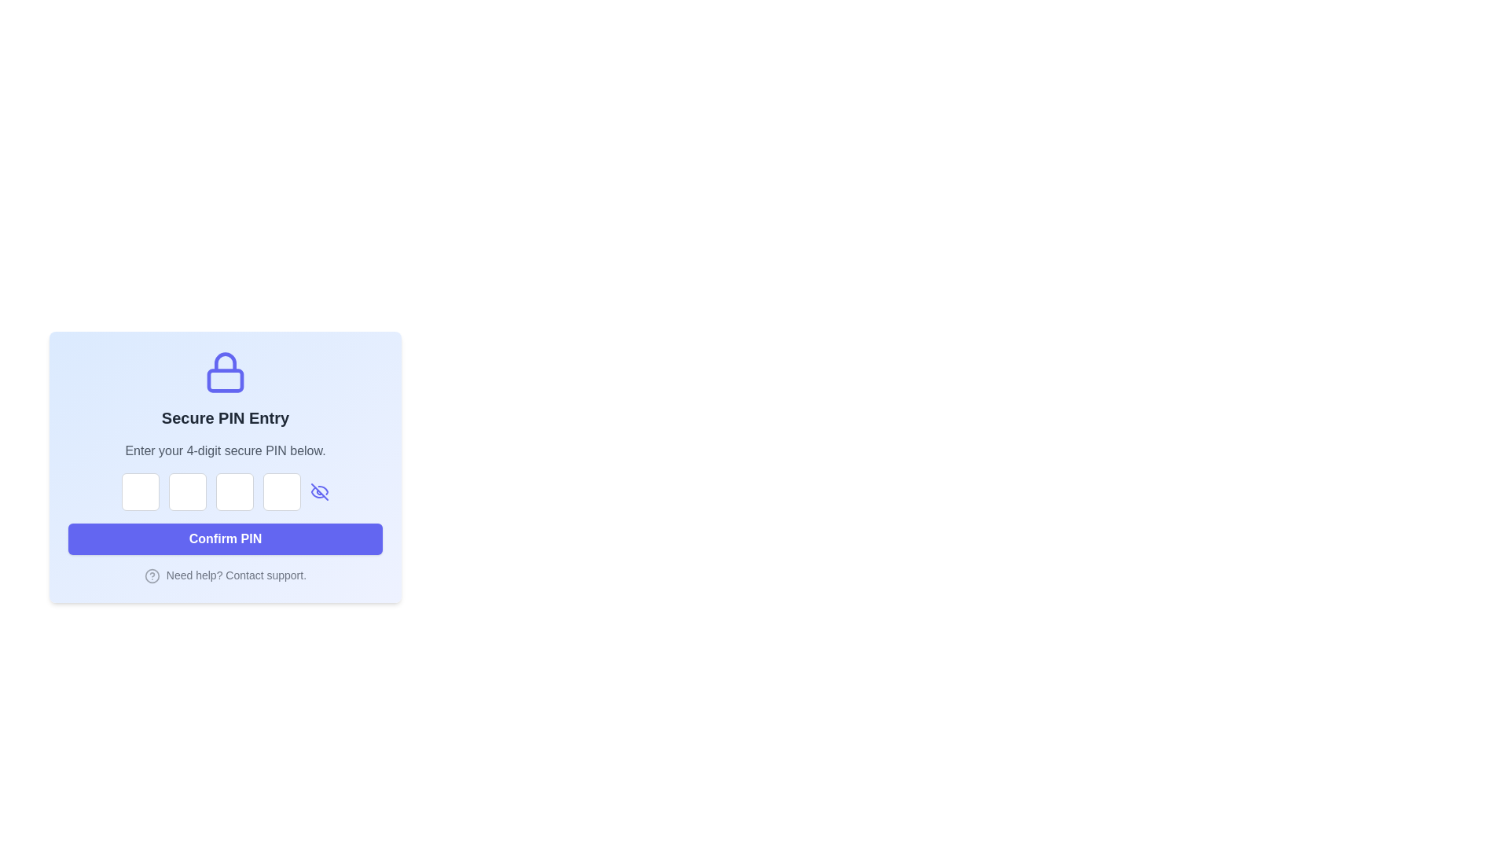 This screenshot has height=849, width=1509. Describe the element at coordinates (282, 491) in the screenshot. I see `the rightmost text input field in the PIN entry section and perform backspace keyboard action` at that location.